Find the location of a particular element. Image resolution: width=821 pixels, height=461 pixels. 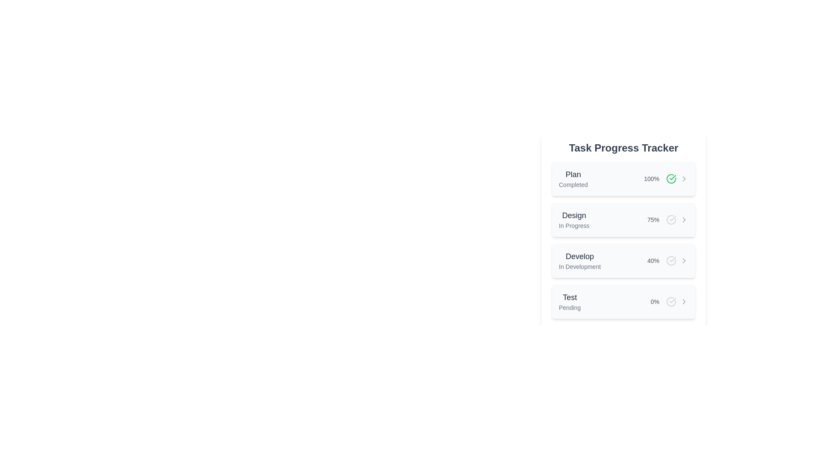

the '40%' text label within the 'Develop In Development' progress section, which is part of a progress indicator group is located at coordinates (667, 260).